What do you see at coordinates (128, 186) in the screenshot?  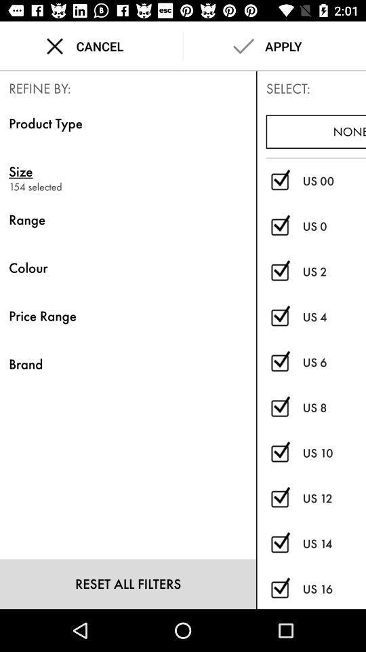 I see `154 selected icon` at bounding box center [128, 186].